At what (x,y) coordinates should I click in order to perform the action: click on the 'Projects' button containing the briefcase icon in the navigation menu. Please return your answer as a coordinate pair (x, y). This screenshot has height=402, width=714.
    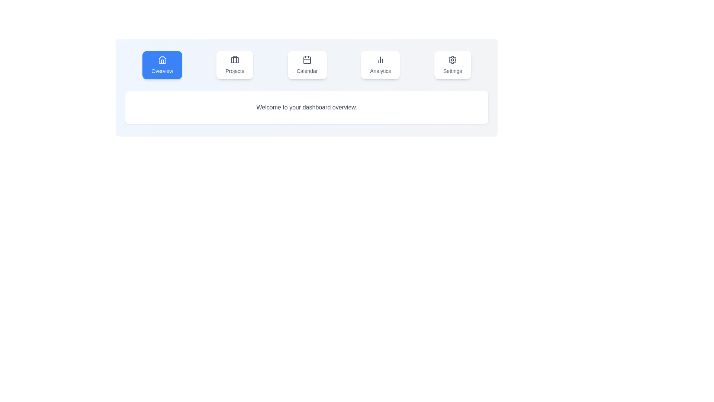
    Looking at the image, I should click on (234, 60).